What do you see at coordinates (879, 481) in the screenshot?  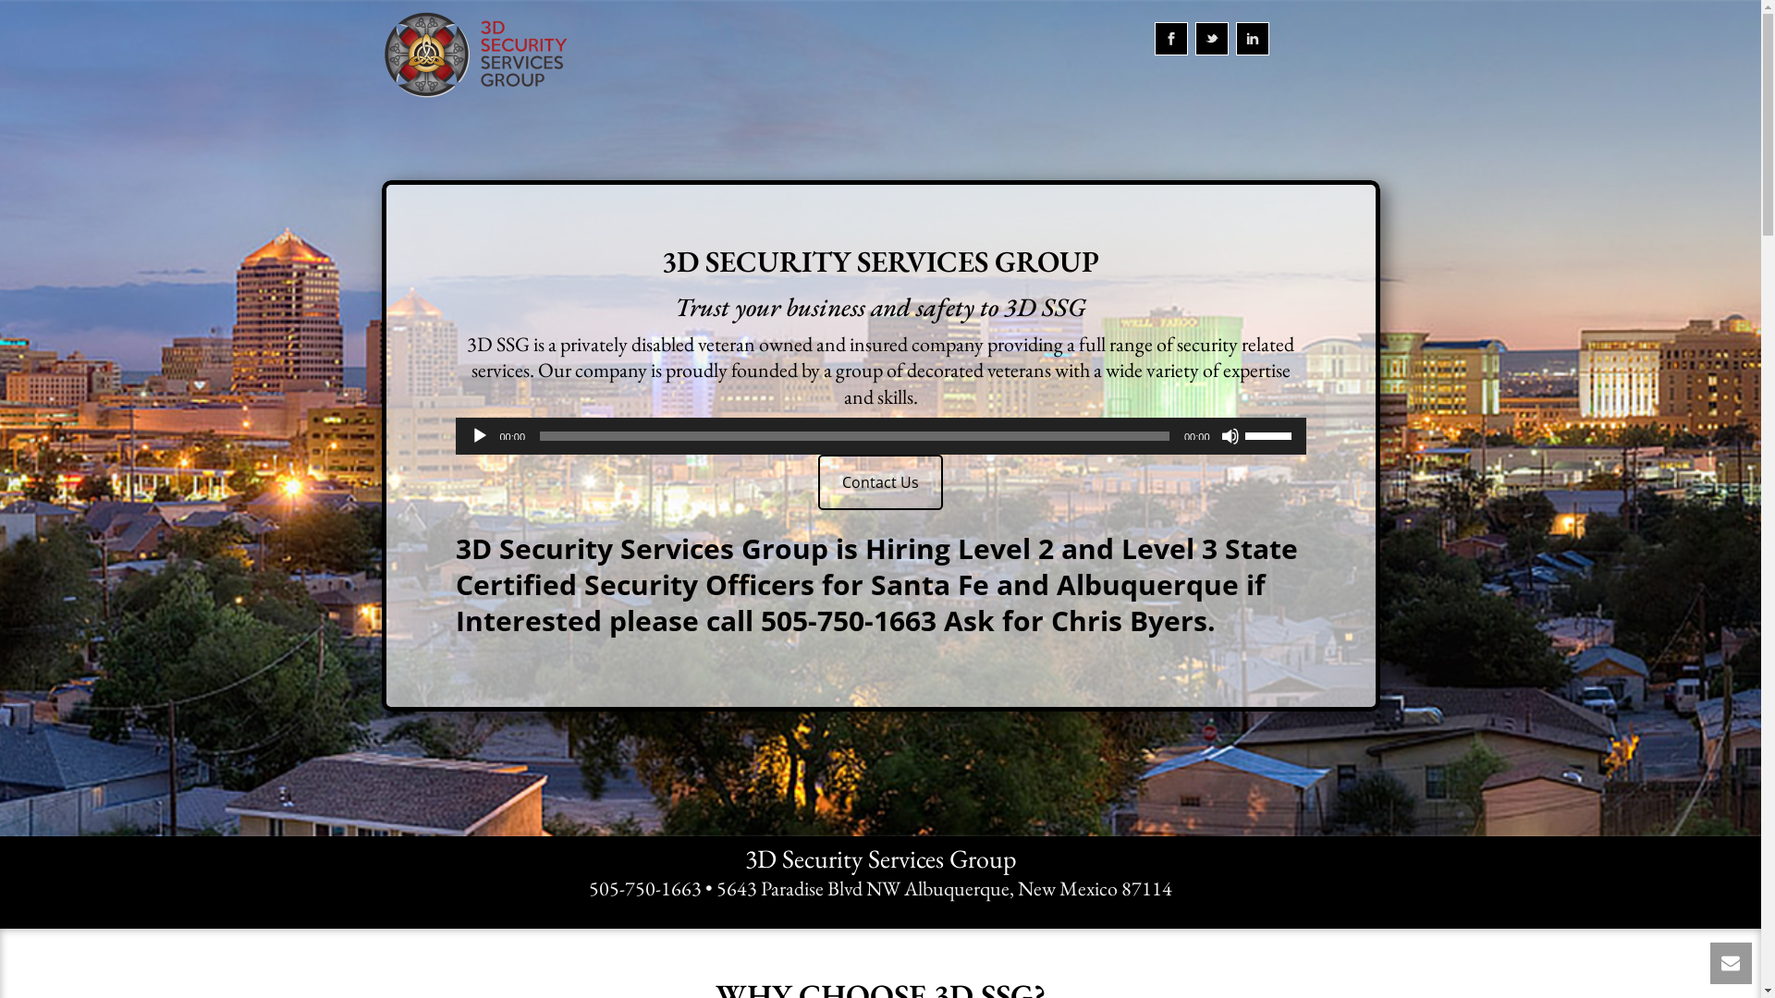 I see `'Contact Us'` at bounding box center [879, 481].